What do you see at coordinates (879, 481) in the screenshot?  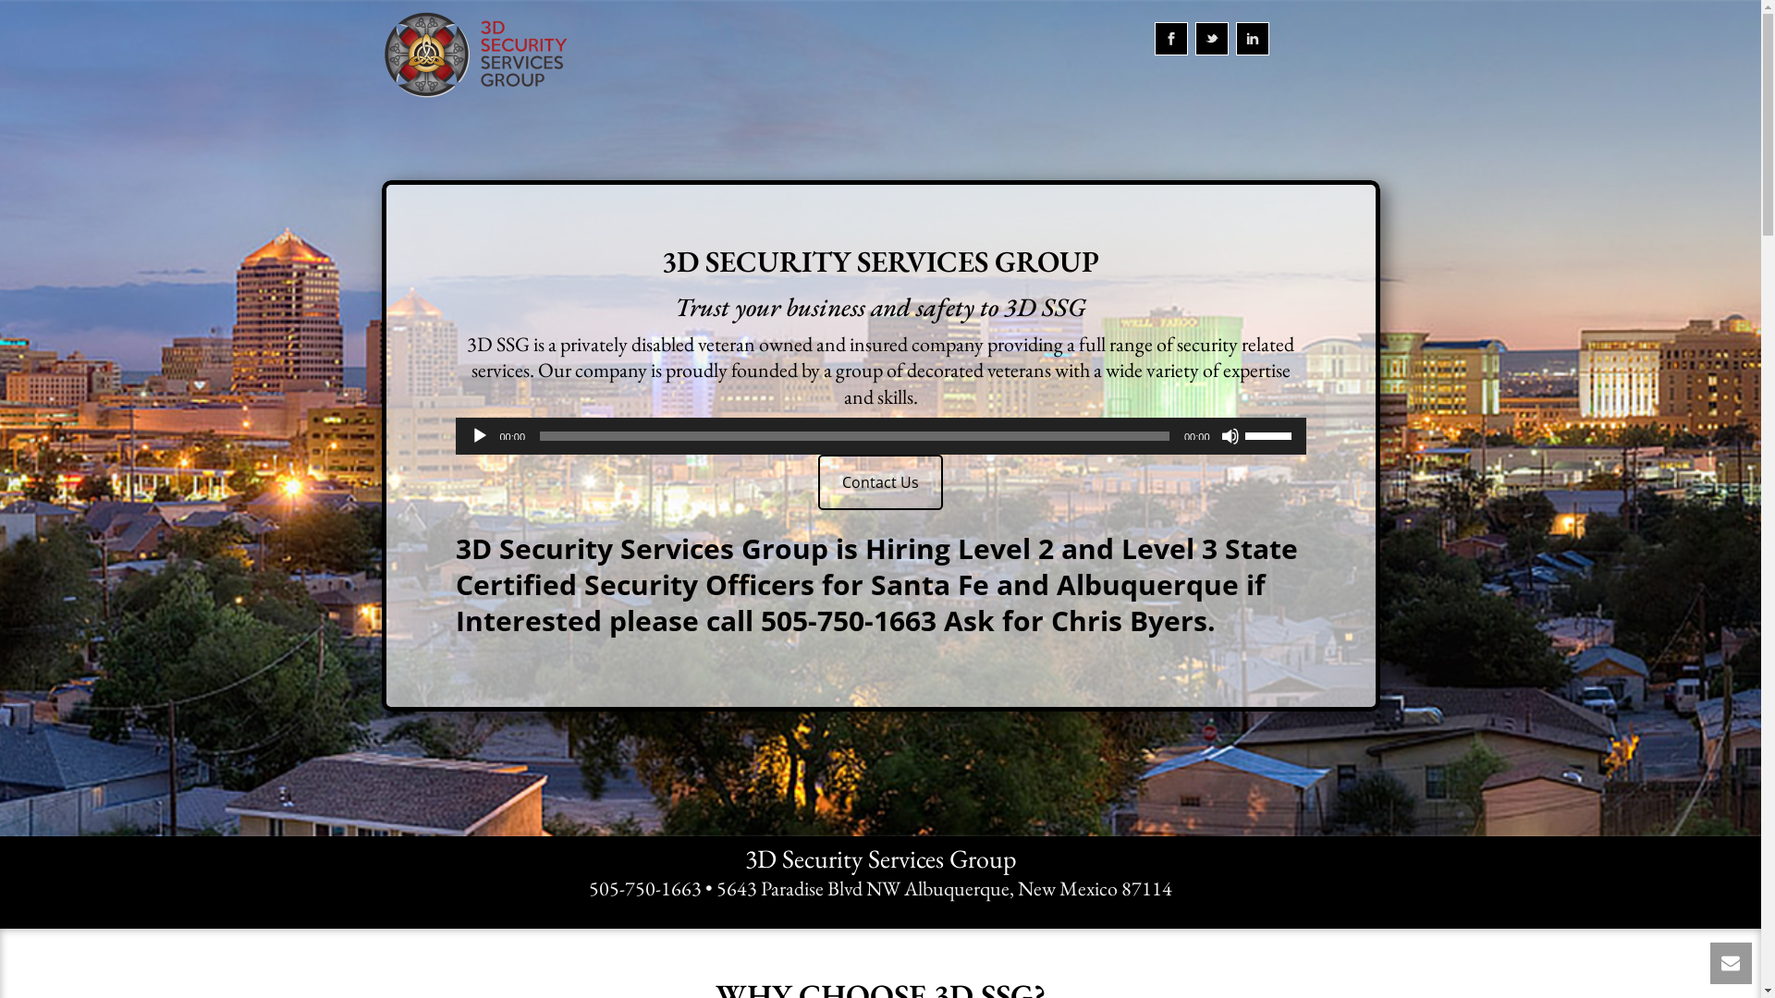 I see `'Contact Us'` at bounding box center [879, 481].